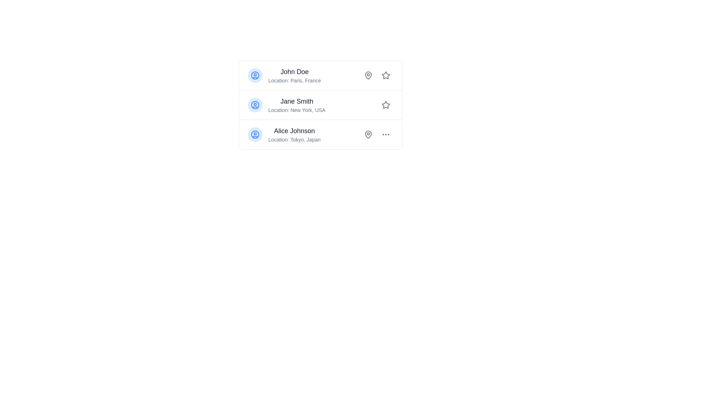 The width and height of the screenshot is (701, 394). What do you see at coordinates (294, 130) in the screenshot?
I see `the text label representing the name of the third profile entry in the list, located above the text 'Location: Tokyo, Japan'` at bounding box center [294, 130].